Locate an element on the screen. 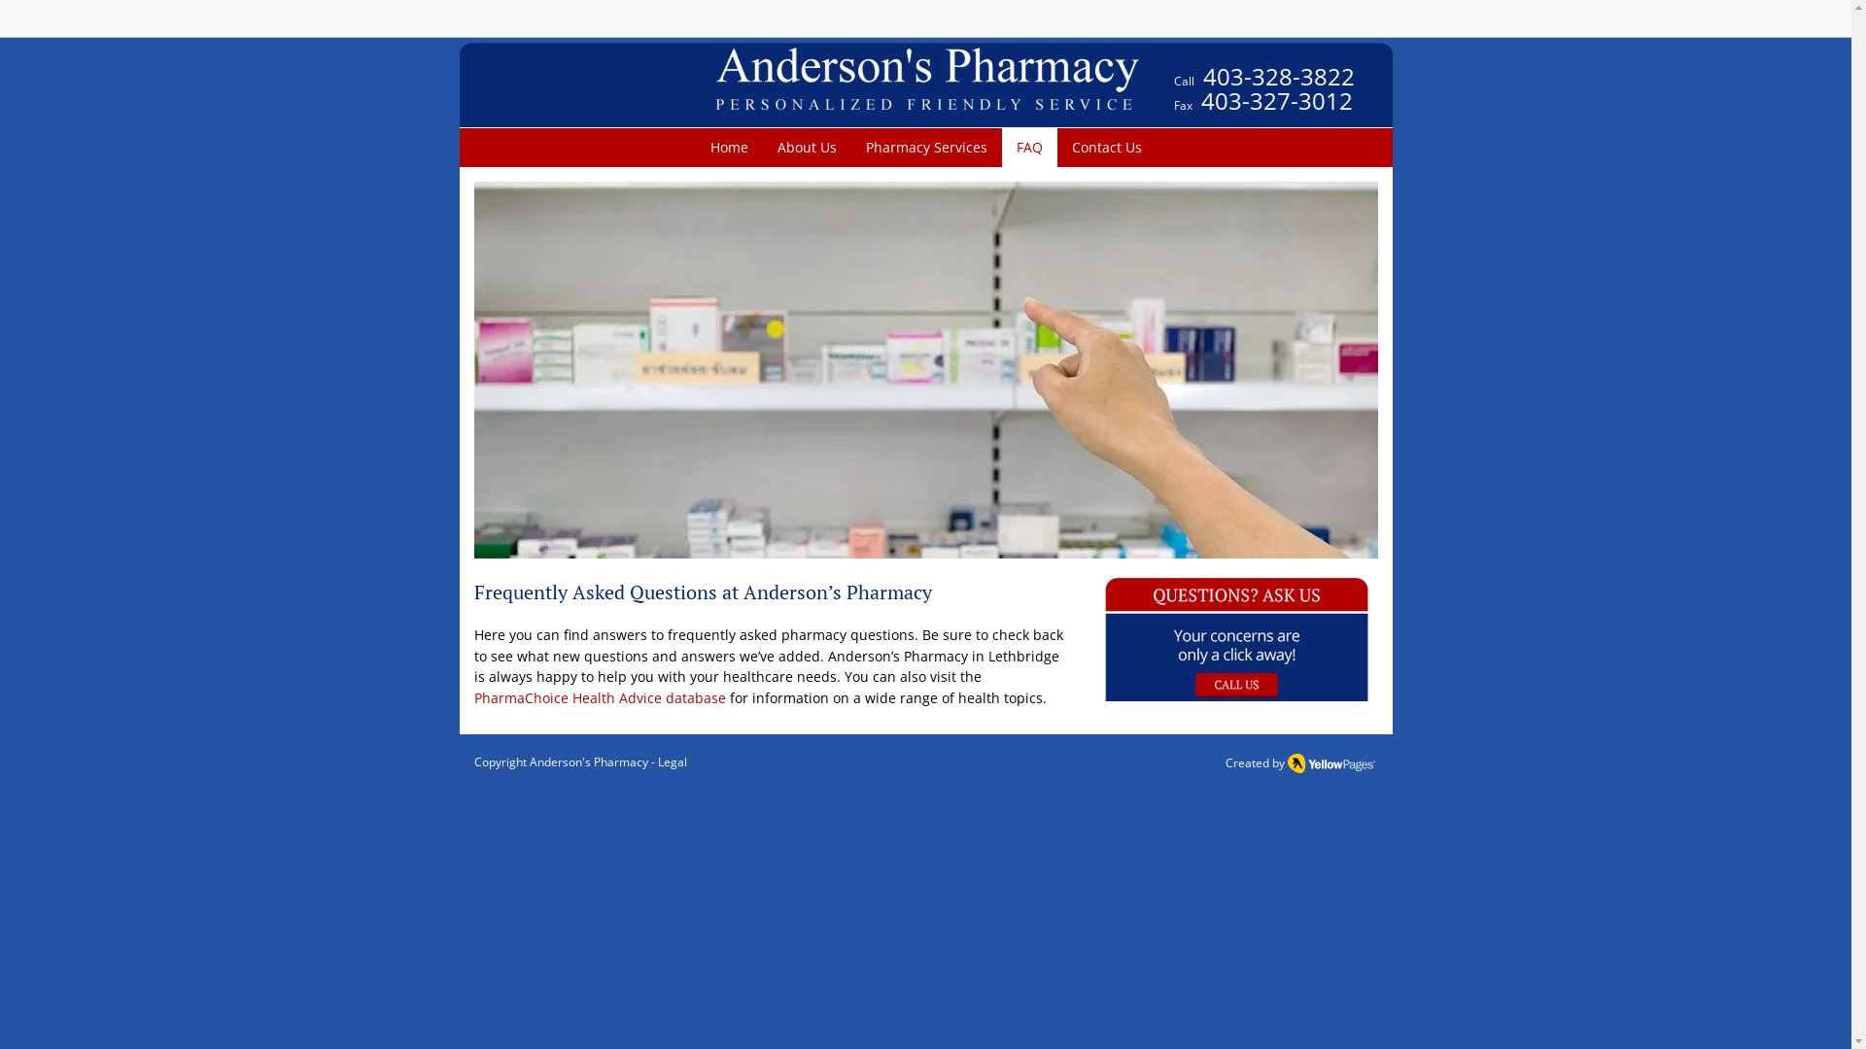 Image resolution: width=1866 pixels, height=1049 pixels. 'PharmaChoice Health Advice database' is located at coordinates (599, 696).